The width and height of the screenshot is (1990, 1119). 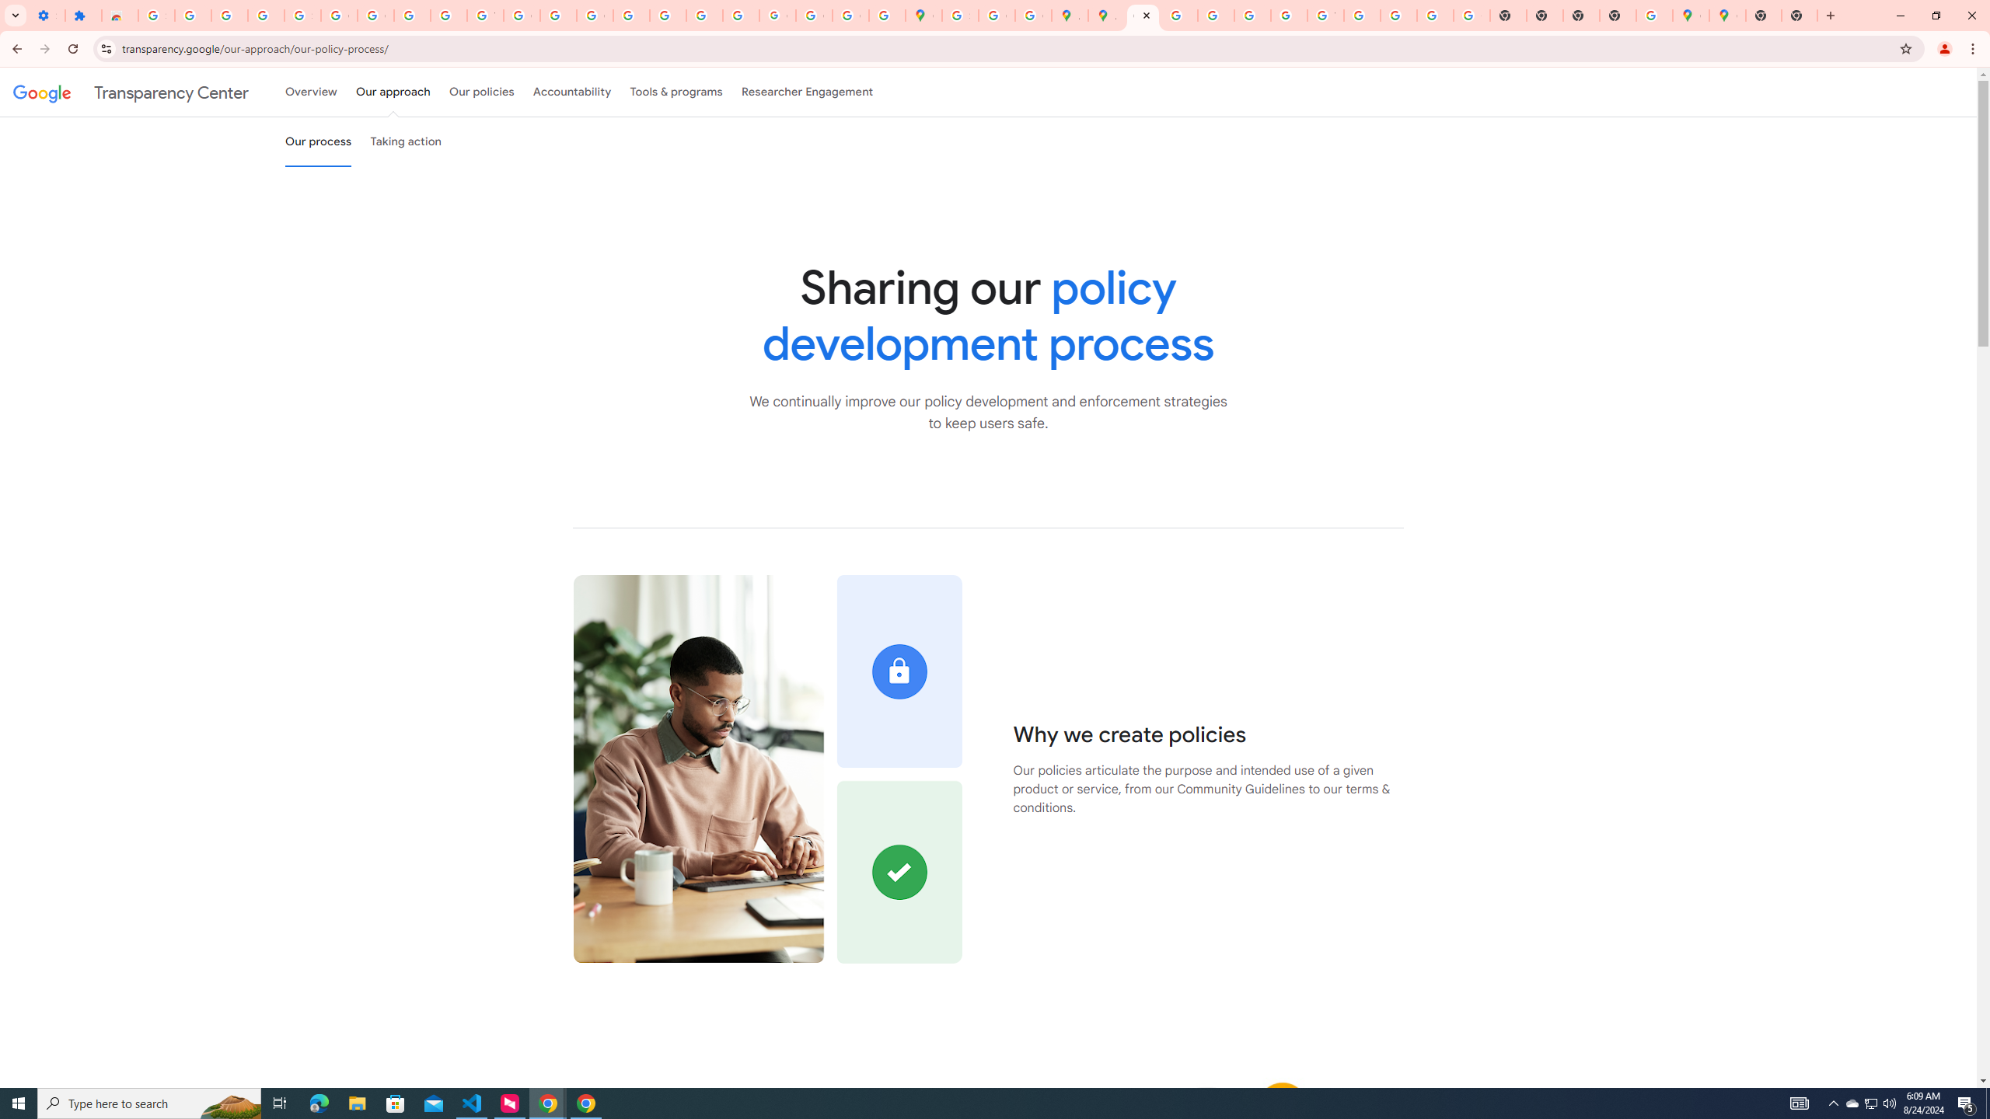 What do you see at coordinates (1653, 15) in the screenshot?
I see `'Use Google Maps in Space - Google Maps Help'` at bounding box center [1653, 15].